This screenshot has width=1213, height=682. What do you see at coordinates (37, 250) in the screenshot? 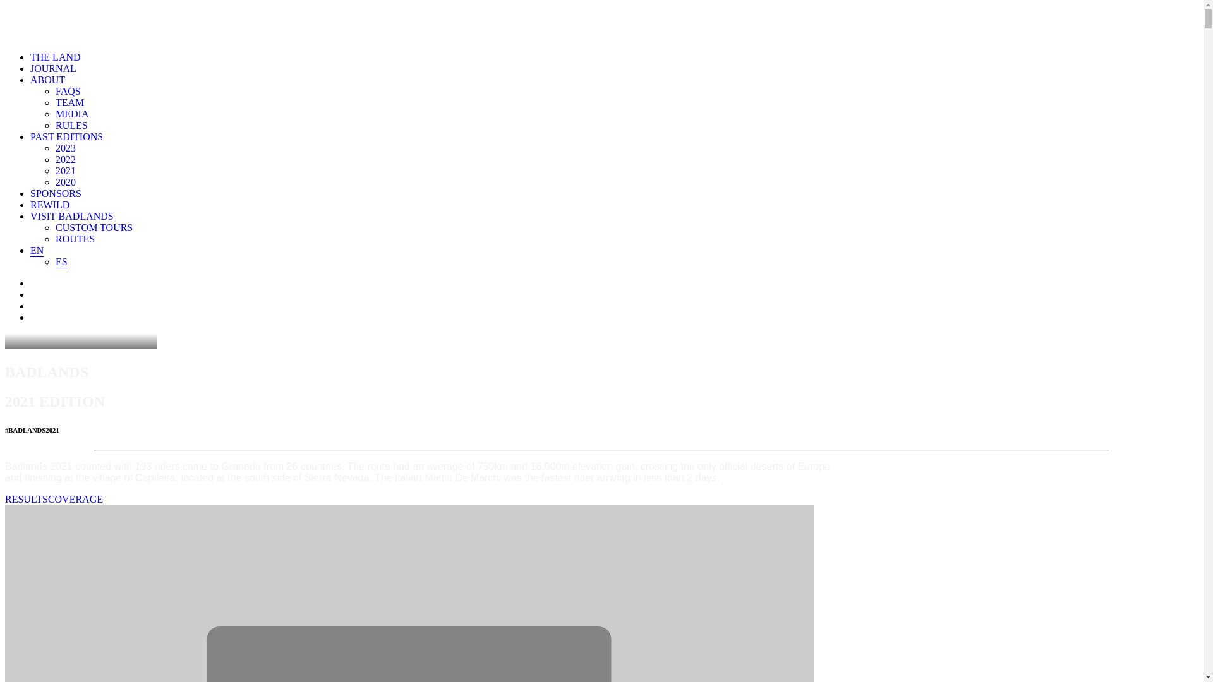
I see `'EN'` at bounding box center [37, 250].